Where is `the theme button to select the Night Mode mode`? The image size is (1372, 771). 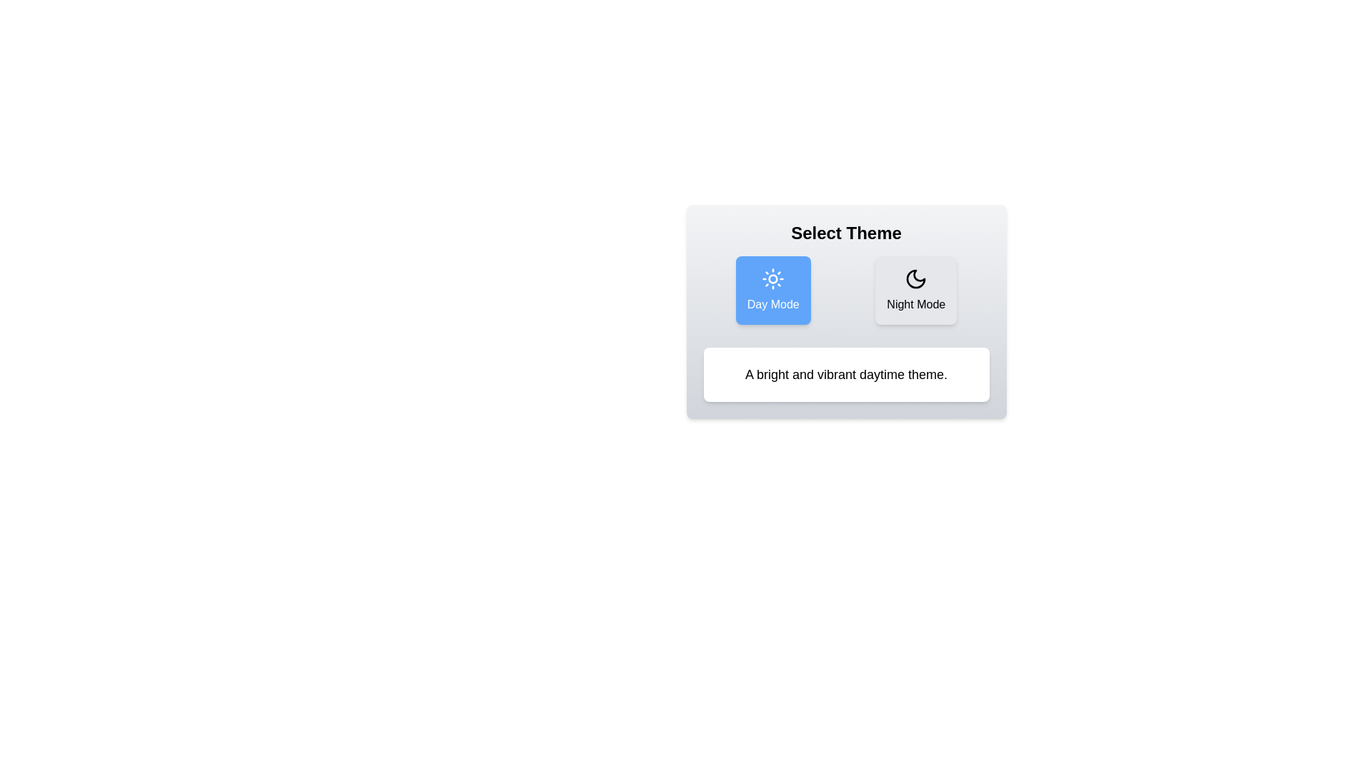
the theme button to select the Night Mode mode is located at coordinates (915, 290).